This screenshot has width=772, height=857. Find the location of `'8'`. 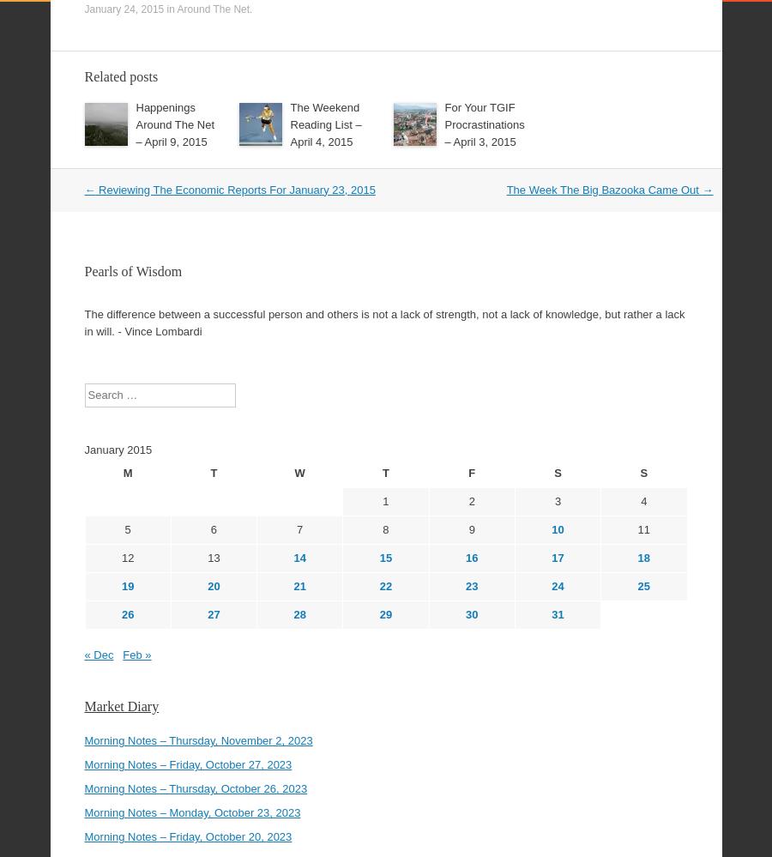

'8' is located at coordinates (385, 482).